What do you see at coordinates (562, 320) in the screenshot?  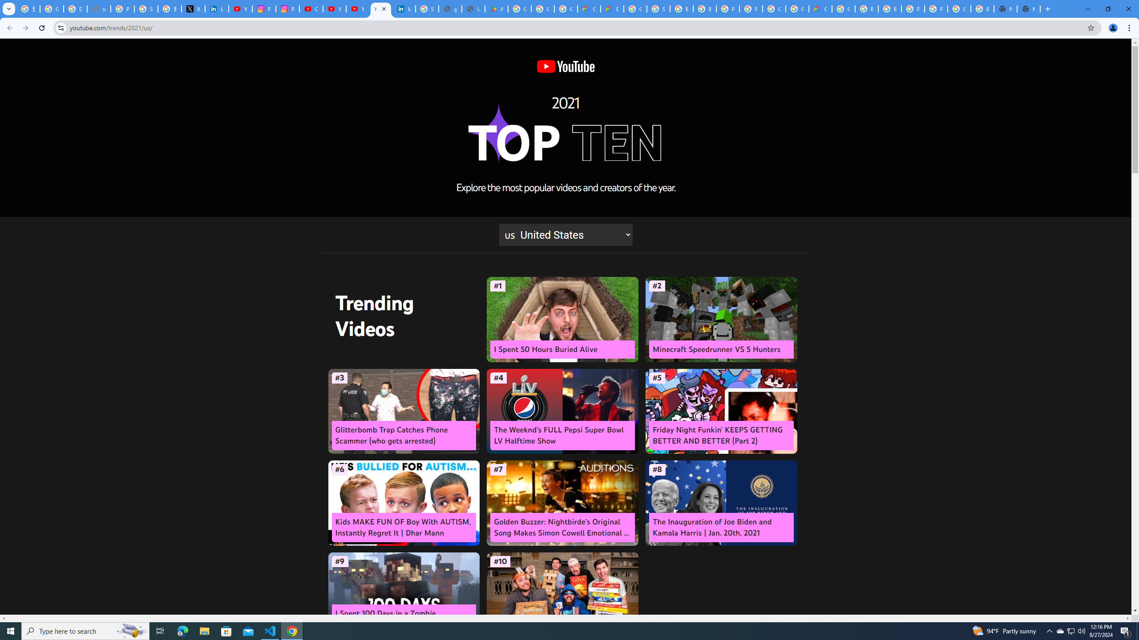 I see `'#1 I Spent 50 Hours Buried Alive'` at bounding box center [562, 320].